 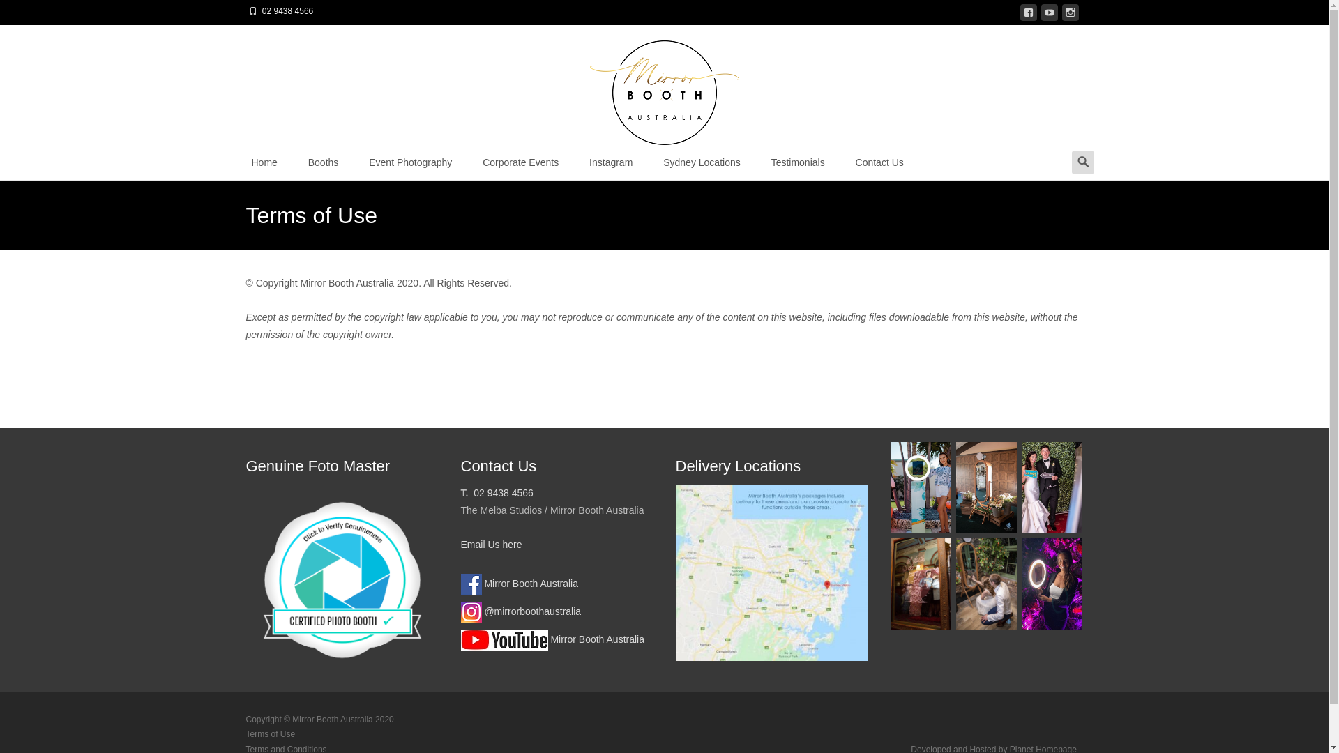 I want to click on 'Mirror Booth Australia', so click(x=663, y=86).